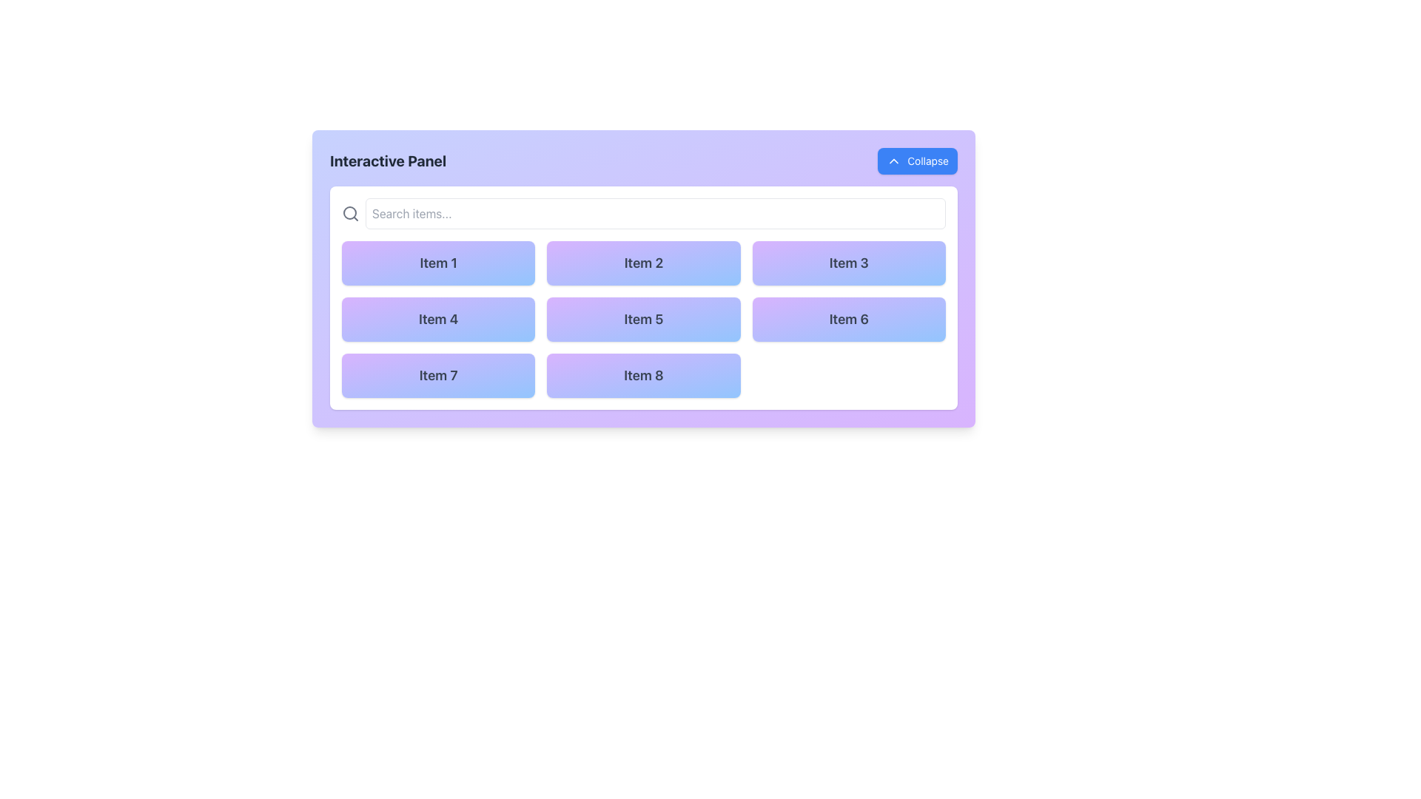 This screenshot has height=799, width=1421. Describe the element at coordinates (643, 318) in the screenshot. I see `the informational text label that identifies the item within the grid layout, centrally aligned in the second column of the second row tile` at that location.